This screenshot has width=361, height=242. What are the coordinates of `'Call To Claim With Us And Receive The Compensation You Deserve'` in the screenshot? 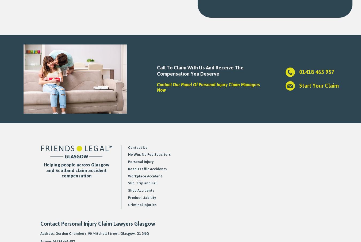 It's located at (200, 70).